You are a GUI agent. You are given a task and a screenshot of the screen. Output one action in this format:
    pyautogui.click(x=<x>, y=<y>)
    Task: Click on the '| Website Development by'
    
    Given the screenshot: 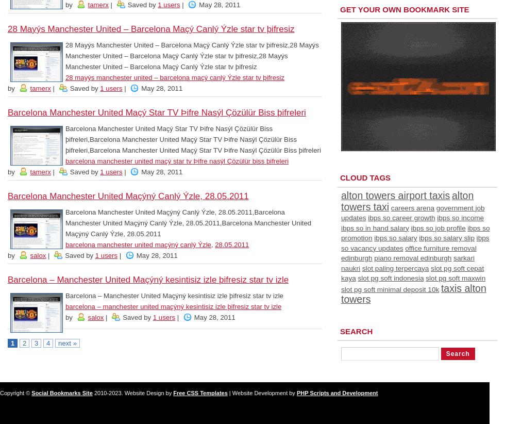 What is the action you would take?
    pyautogui.click(x=262, y=392)
    